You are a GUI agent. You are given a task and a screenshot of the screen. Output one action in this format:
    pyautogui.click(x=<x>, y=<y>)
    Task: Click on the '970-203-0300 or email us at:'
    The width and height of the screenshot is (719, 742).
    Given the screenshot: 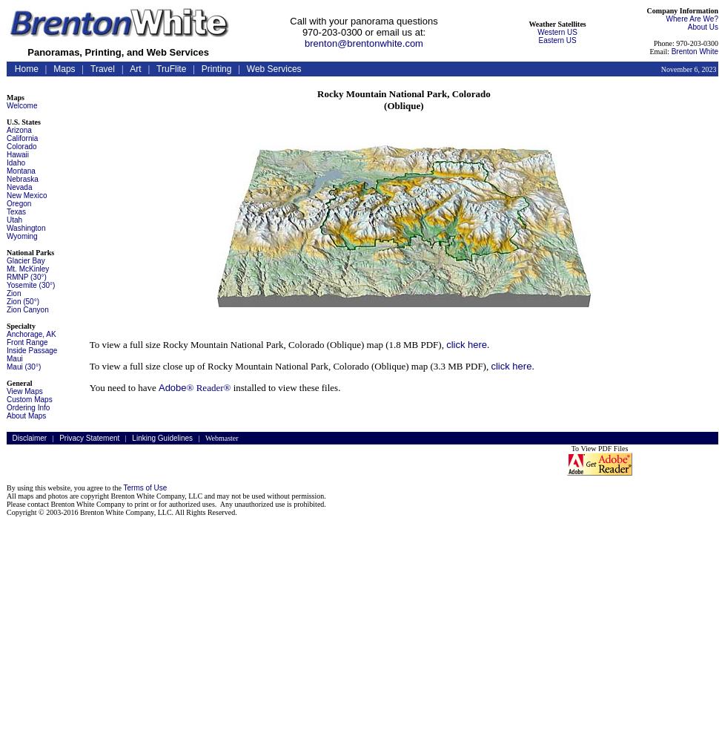 What is the action you would take?
    pyautogui.click(x=363, y=32)
    